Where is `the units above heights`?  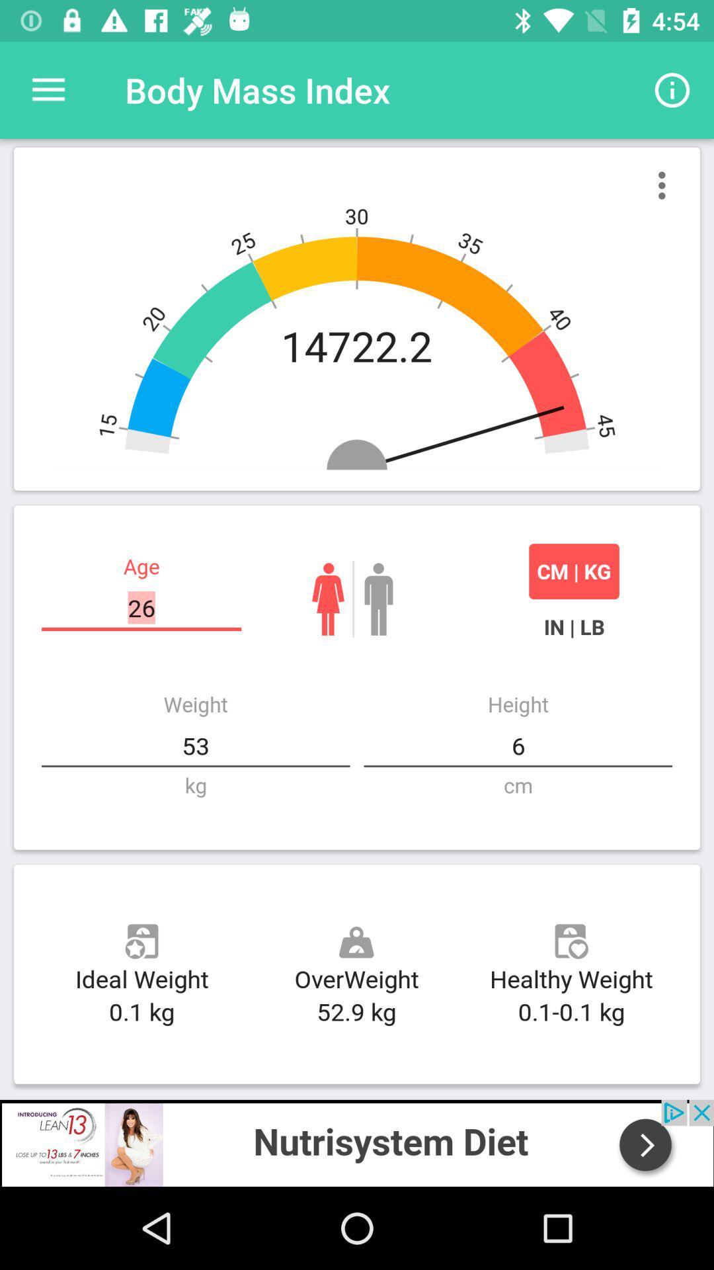 the units above heights is located at coordinates (573, 626).